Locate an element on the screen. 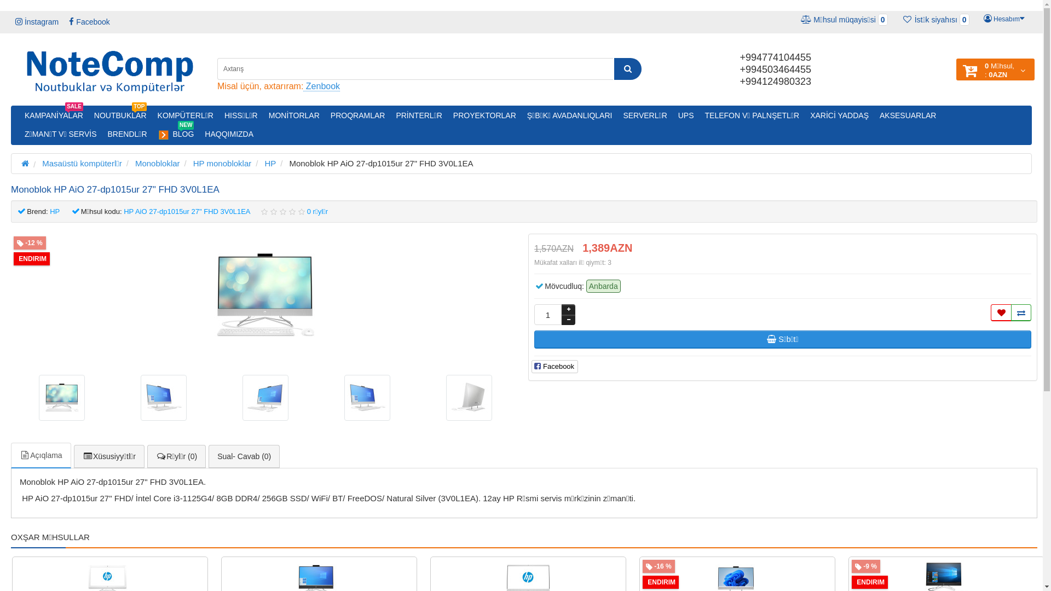 Image resolution: width=1051 pixels, height=591 pixels. '+994124980323' is located at coordinates (775, 81).